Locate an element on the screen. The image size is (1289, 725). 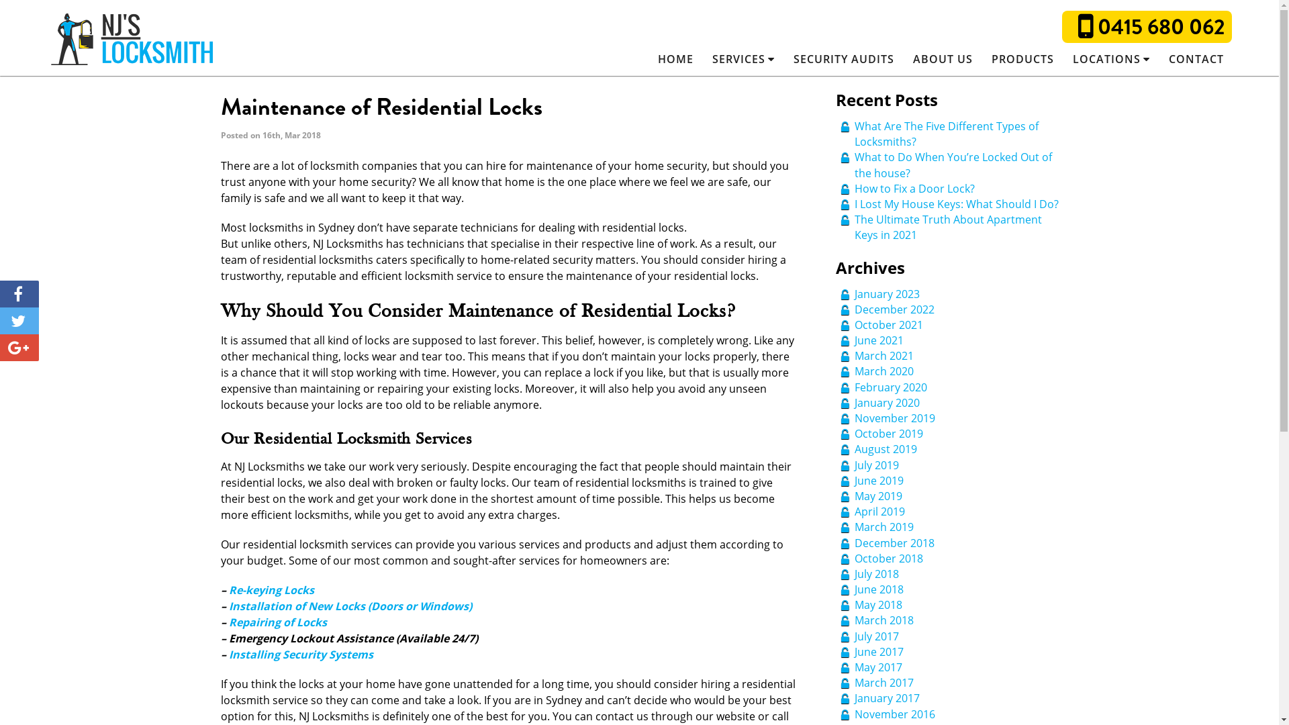
'April 2019' is located at coordinates (879, 512).